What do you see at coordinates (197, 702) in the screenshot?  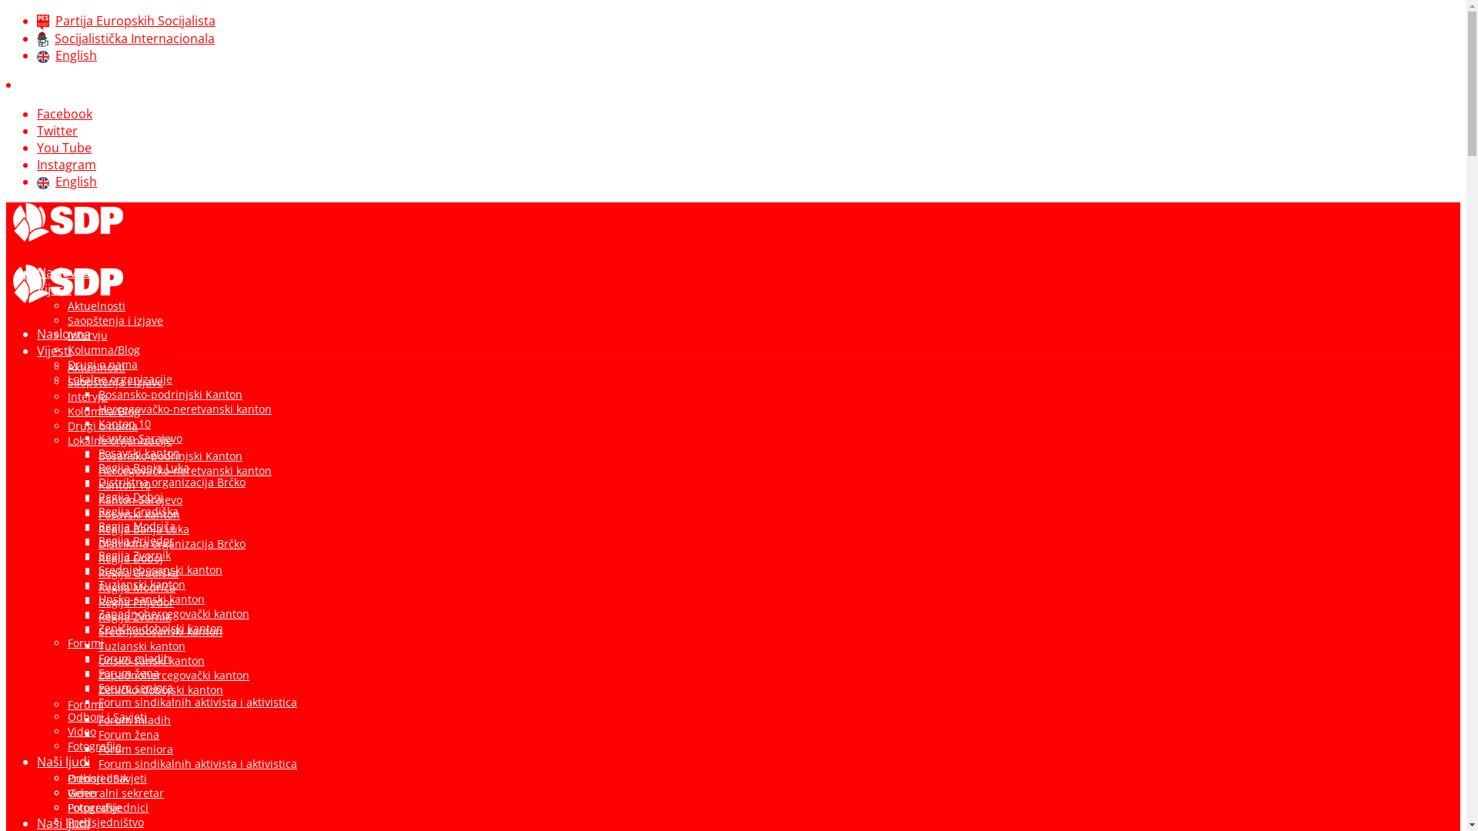 I see `'Forum sindikalnih aktivista i aktivistica'` at bounding box center [197, 702].